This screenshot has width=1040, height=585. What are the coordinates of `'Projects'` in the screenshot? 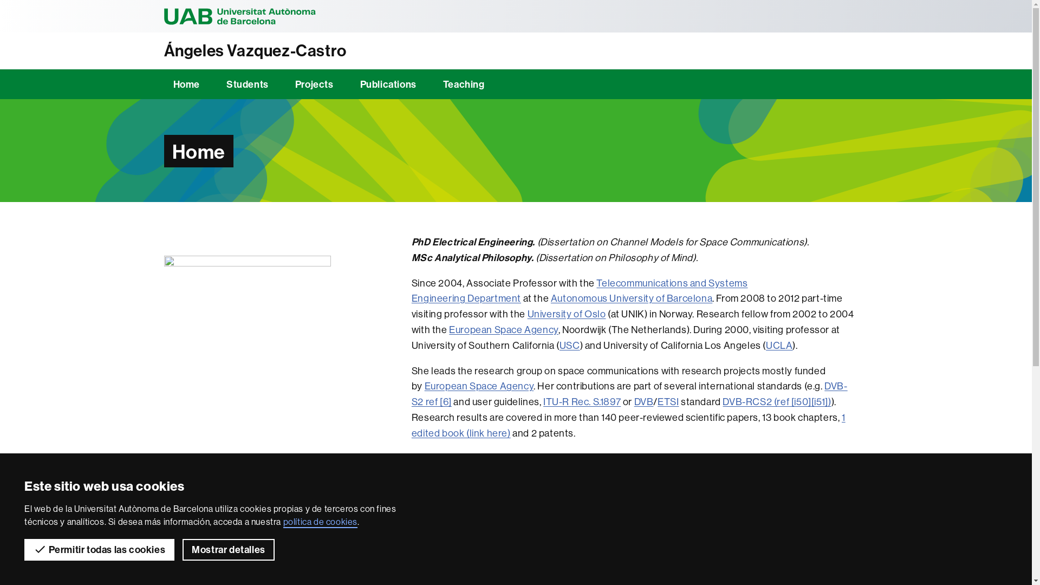 It's located at (314, 83).